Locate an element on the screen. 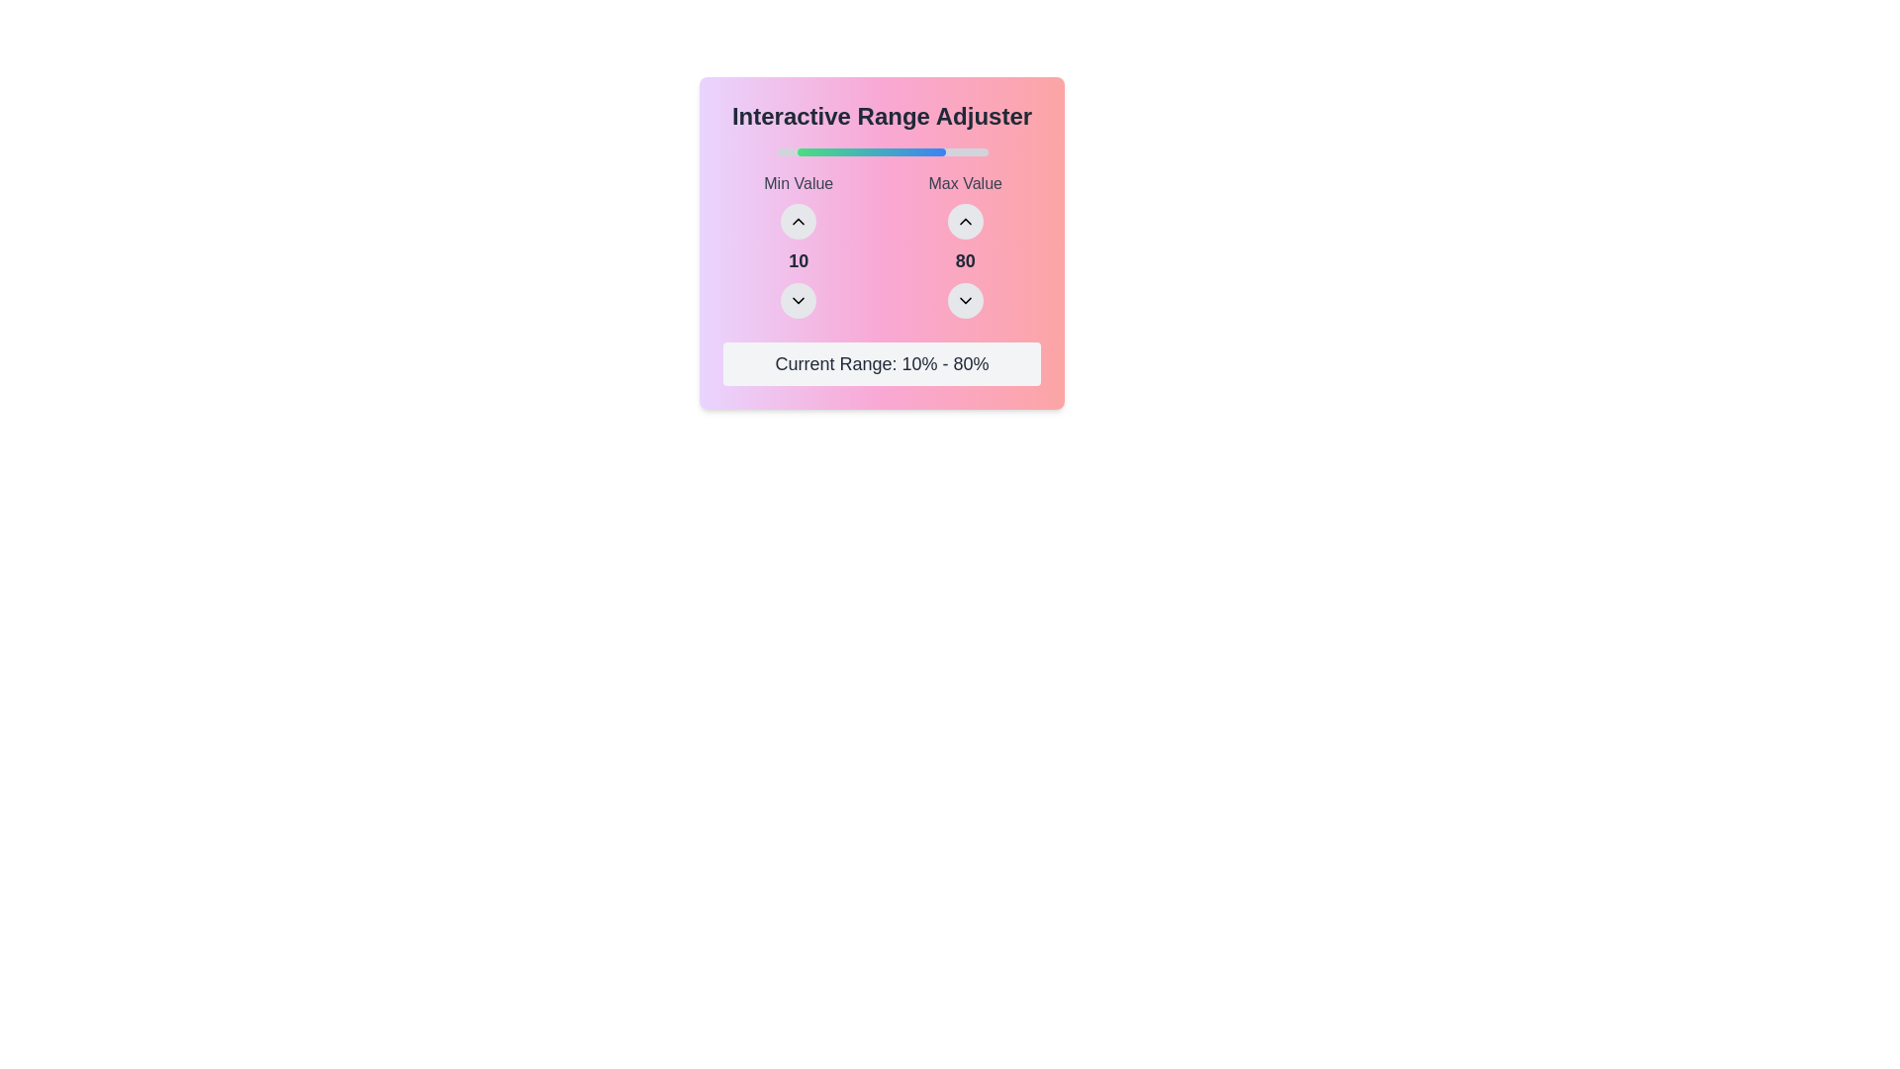 The image size is (1900, 1069). the Text Label displaying the minimum value set in the interactive range adjuster, which is located below the chevron-up icon and above the chevron-down icon inside the left section of the card labeled 'Min Value' is located at coordinates (799, 259).